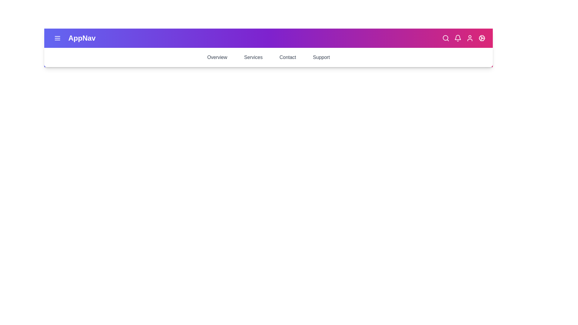 Image resolution: width=578 pixels, height=325 pixels. Describe the element at coordinates (458, 38) in the screenshot. I see `the notification bell icon to view notifications` at that location.